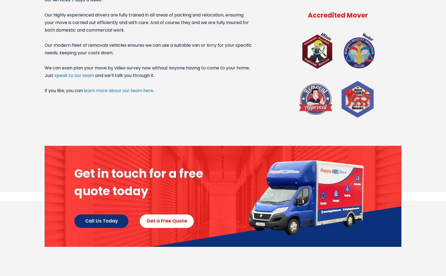 The height and width of the screenshot is (276, 446). What do you see at coordinates (74, 75) in the screenshot?
I see `'speak to our team'` at bounding box center [74, 75].